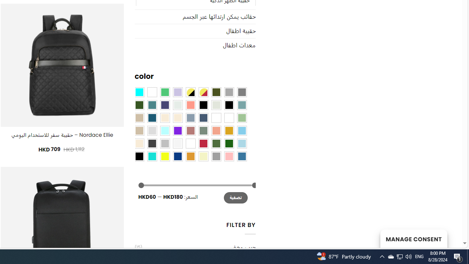 The height and width of the screenshot is (264, 469). Describe the element at coordinates (178, 92) in the screenshot. I see `'Light Purple'` at that location.